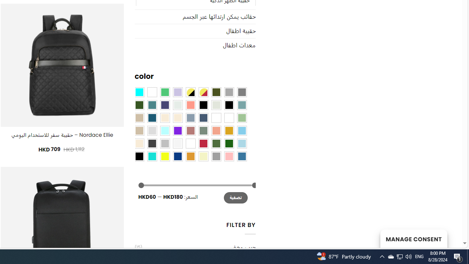 The height and width of the screenshot is (264, 469). Describe the element at coordinates (178, 92) in the screenshot. I see `'Light Purple'` at that location.